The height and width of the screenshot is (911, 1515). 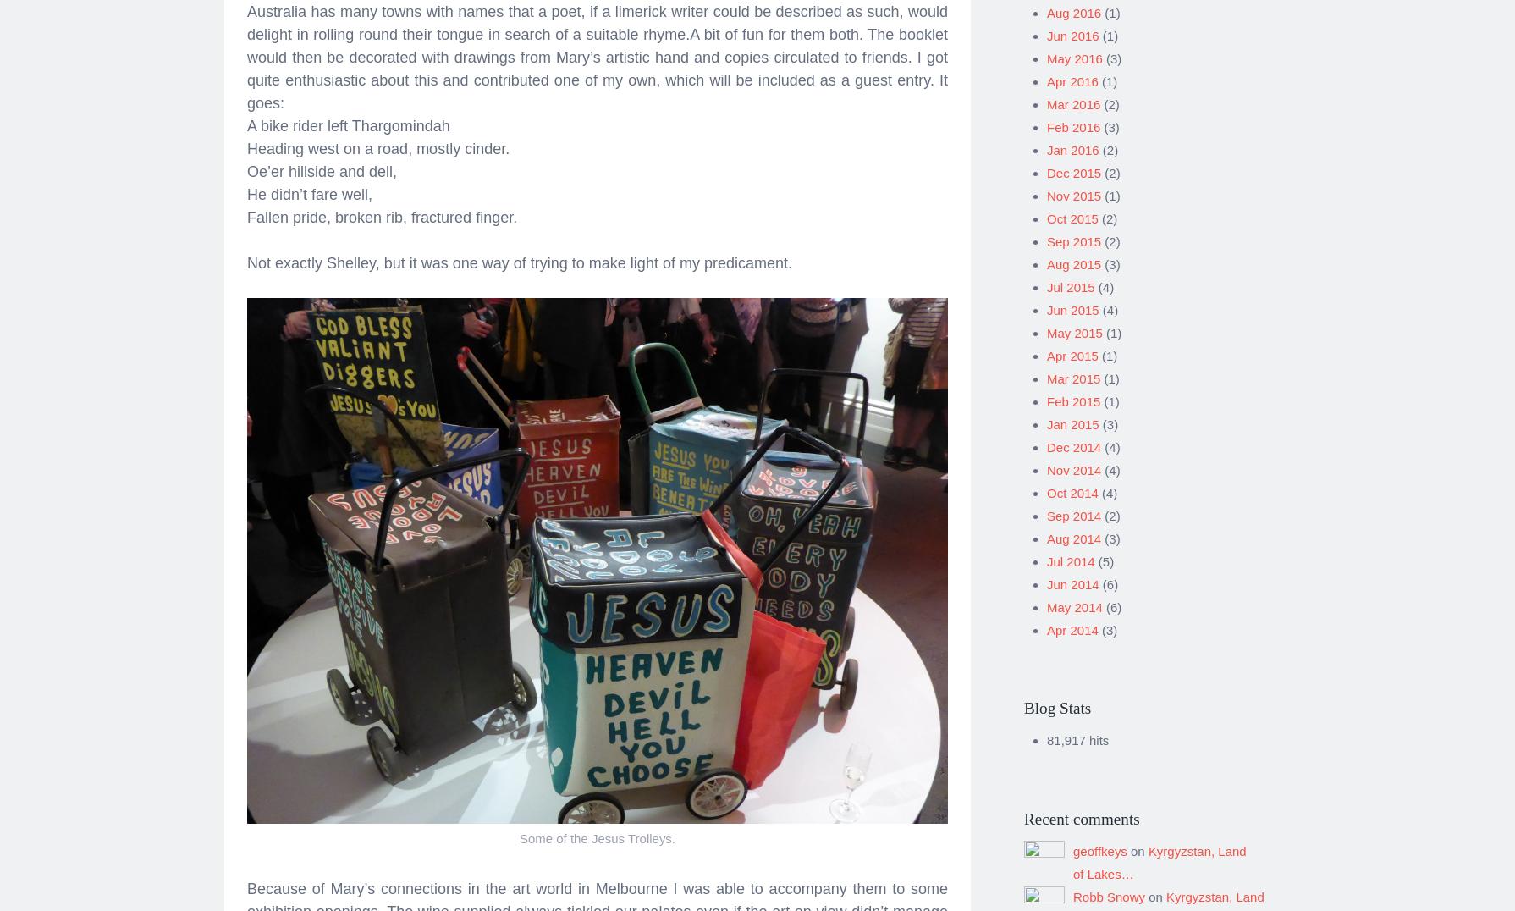 What do you see at coordinates (1057, 701) in the screenshot?
I see `'Blog Stats'` at bounding box center [1057, 701].